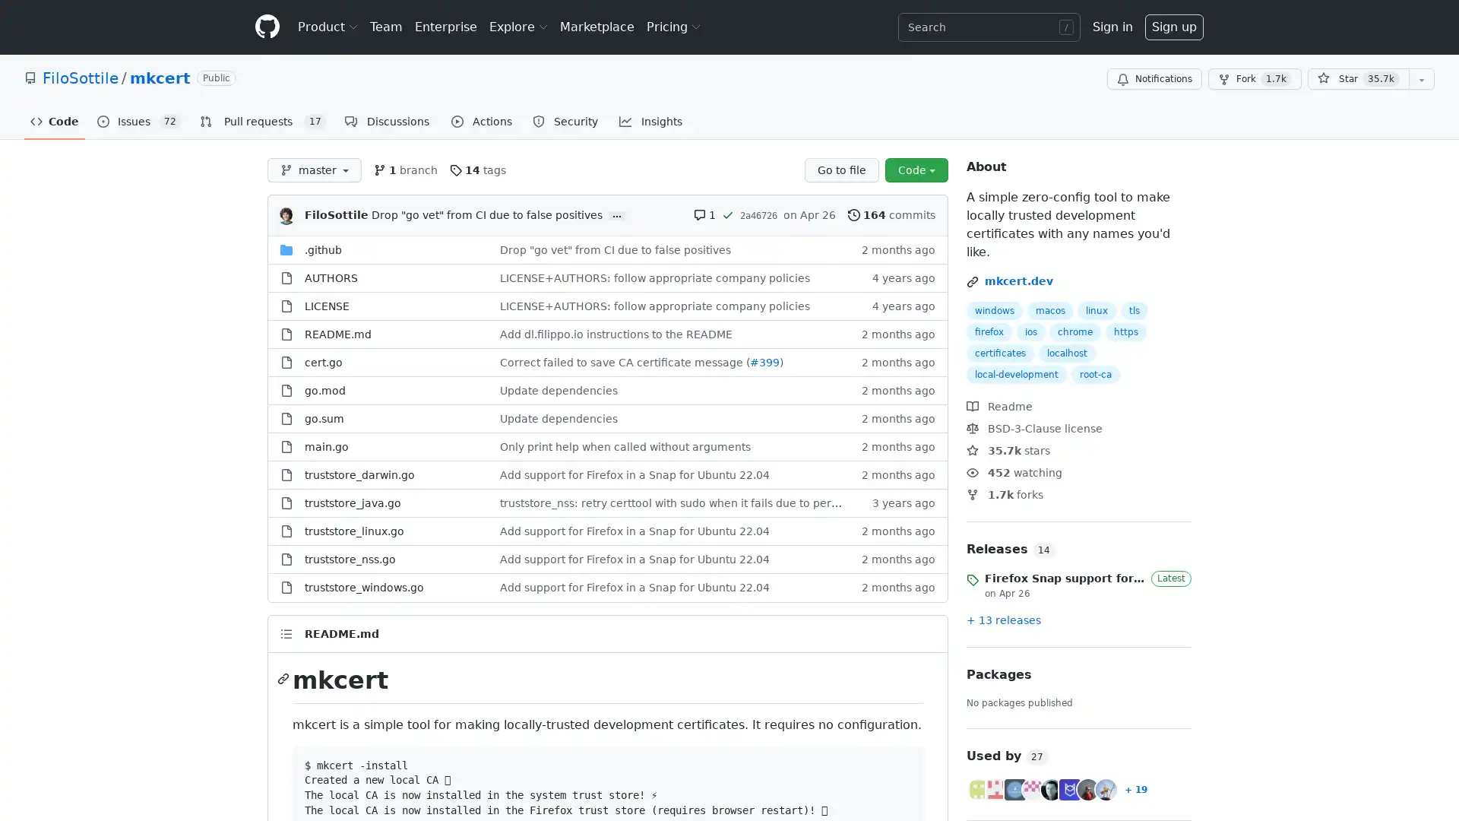  What do you see at coordinates (616, 216) in the screenshot?
I see `...` at bounding box center [616, 216].